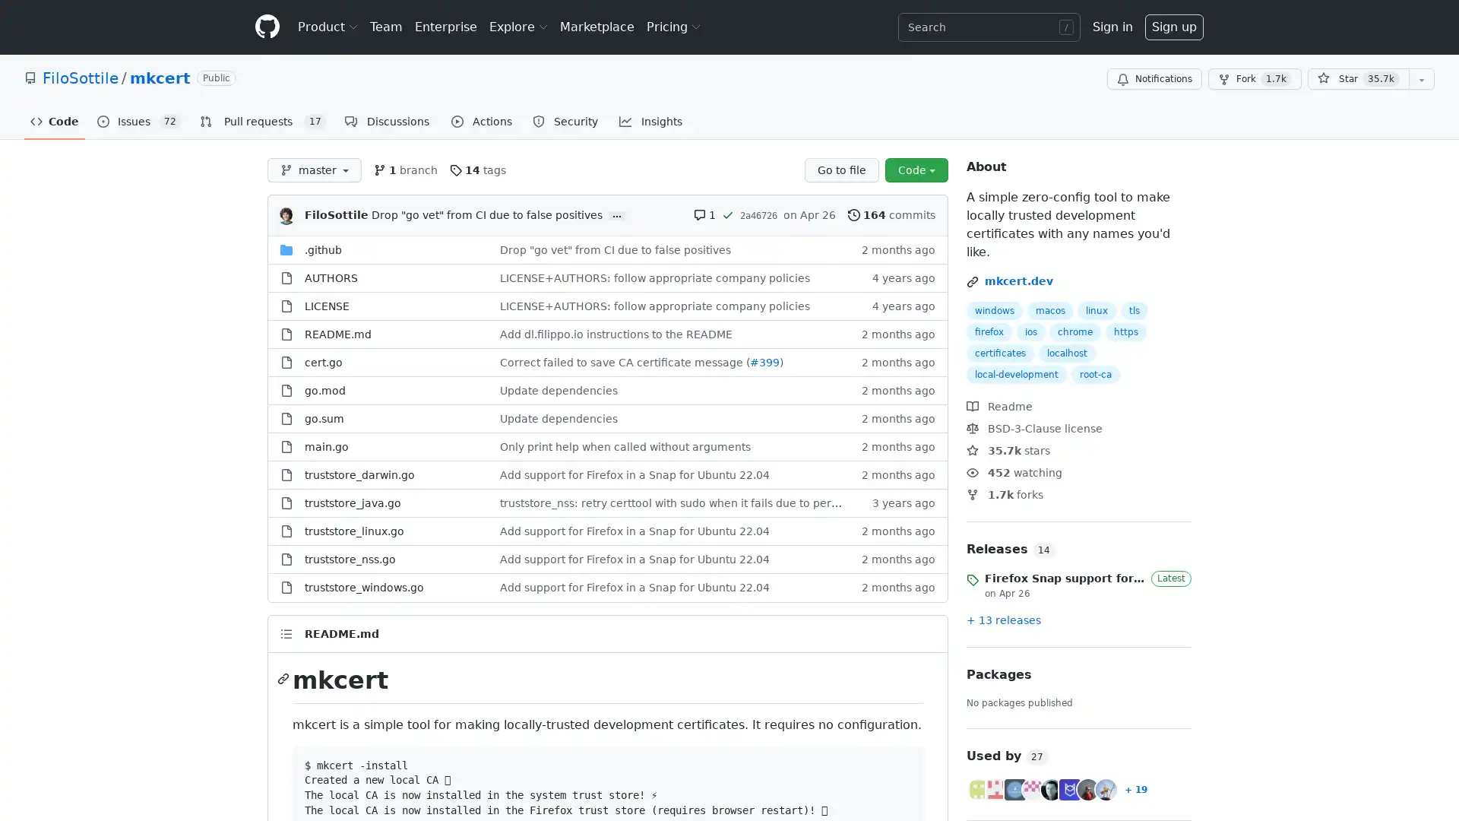  What do you see at coordinates (616, 216) in the screenshot?
I see `...` at bounding box center [616, 216].